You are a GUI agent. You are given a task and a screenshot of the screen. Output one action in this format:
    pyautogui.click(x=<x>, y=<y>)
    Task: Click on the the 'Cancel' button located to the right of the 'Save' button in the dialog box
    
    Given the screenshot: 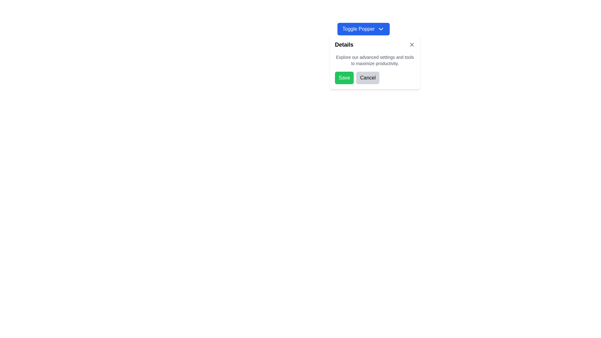 What is the action you would take?
    pyautogui.click(x=368, y=78)
    